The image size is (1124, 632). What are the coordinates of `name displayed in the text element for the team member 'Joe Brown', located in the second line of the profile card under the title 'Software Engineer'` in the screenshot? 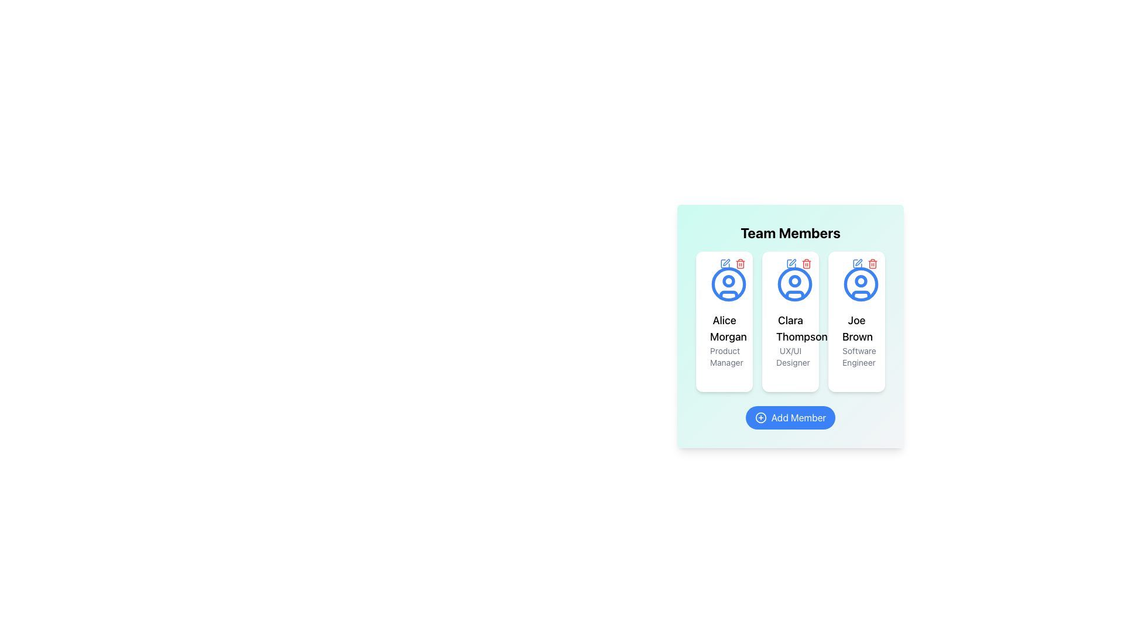 It's located at (856, 329).